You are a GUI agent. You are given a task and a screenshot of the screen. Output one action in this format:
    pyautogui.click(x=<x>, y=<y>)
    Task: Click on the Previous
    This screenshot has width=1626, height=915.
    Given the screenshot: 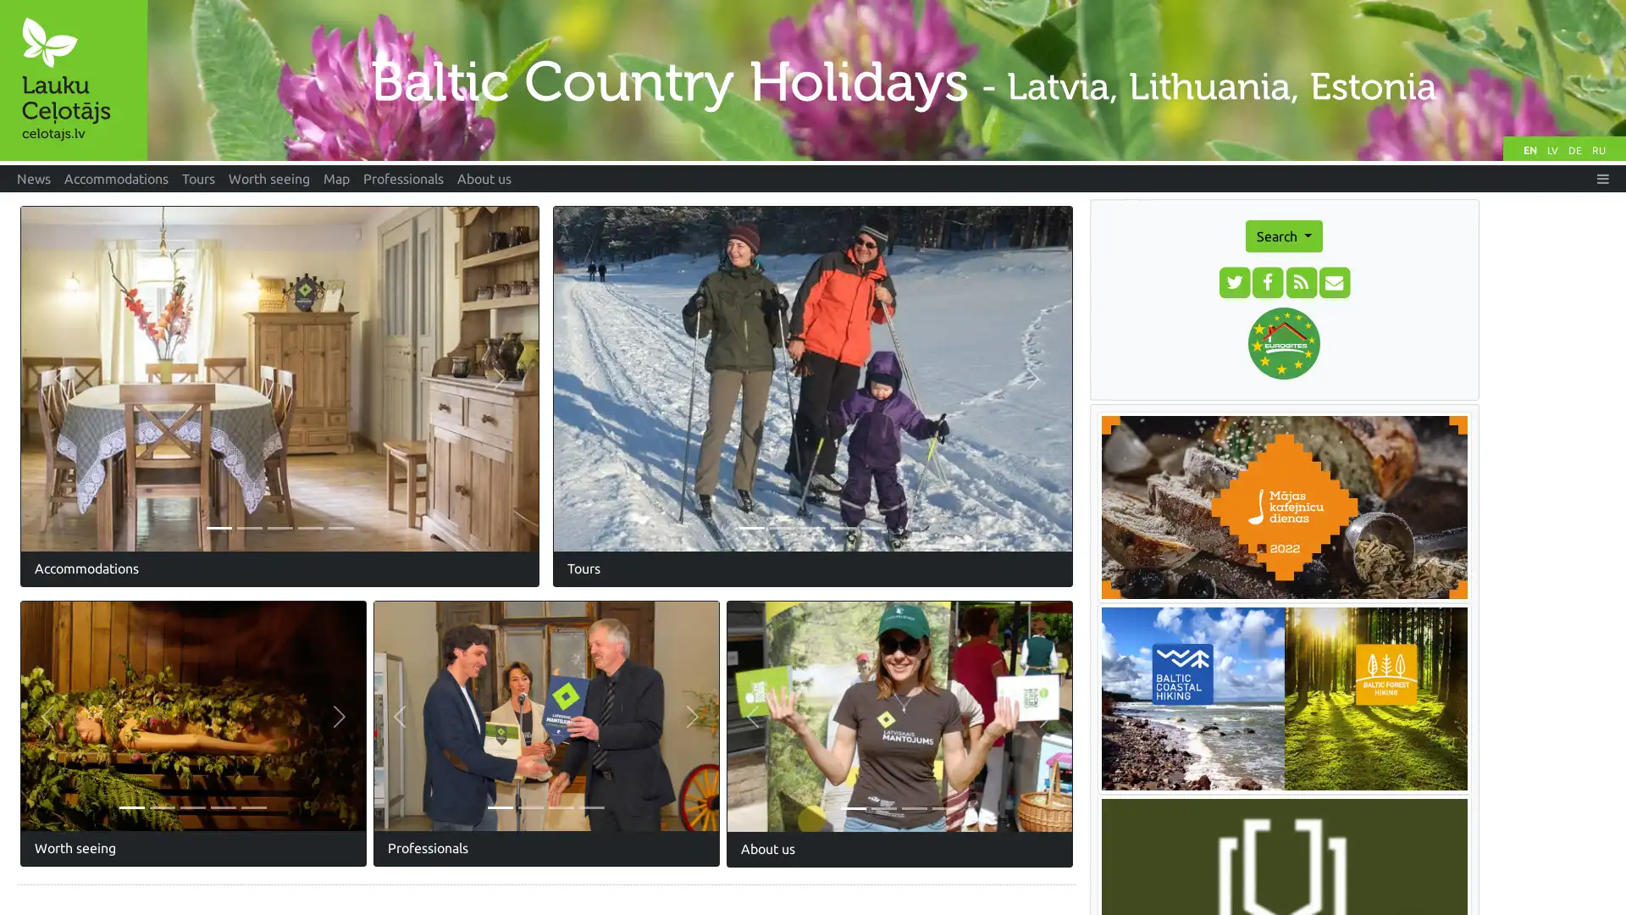 What is the action you would take?
    pyautogui.click(x=398, y=716)
    